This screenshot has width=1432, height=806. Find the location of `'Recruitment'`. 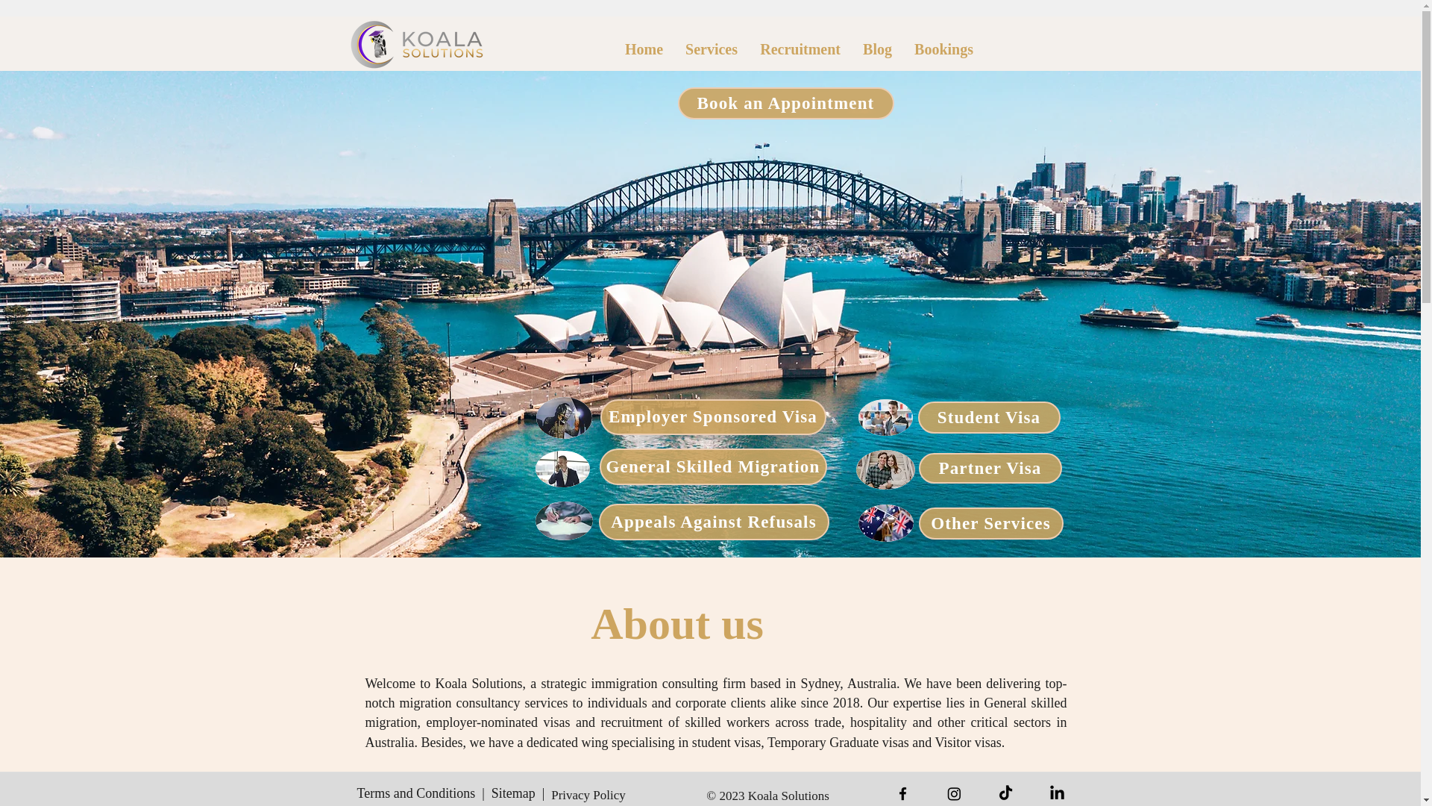

'Recruitment' is located at coordinates (800, 49).